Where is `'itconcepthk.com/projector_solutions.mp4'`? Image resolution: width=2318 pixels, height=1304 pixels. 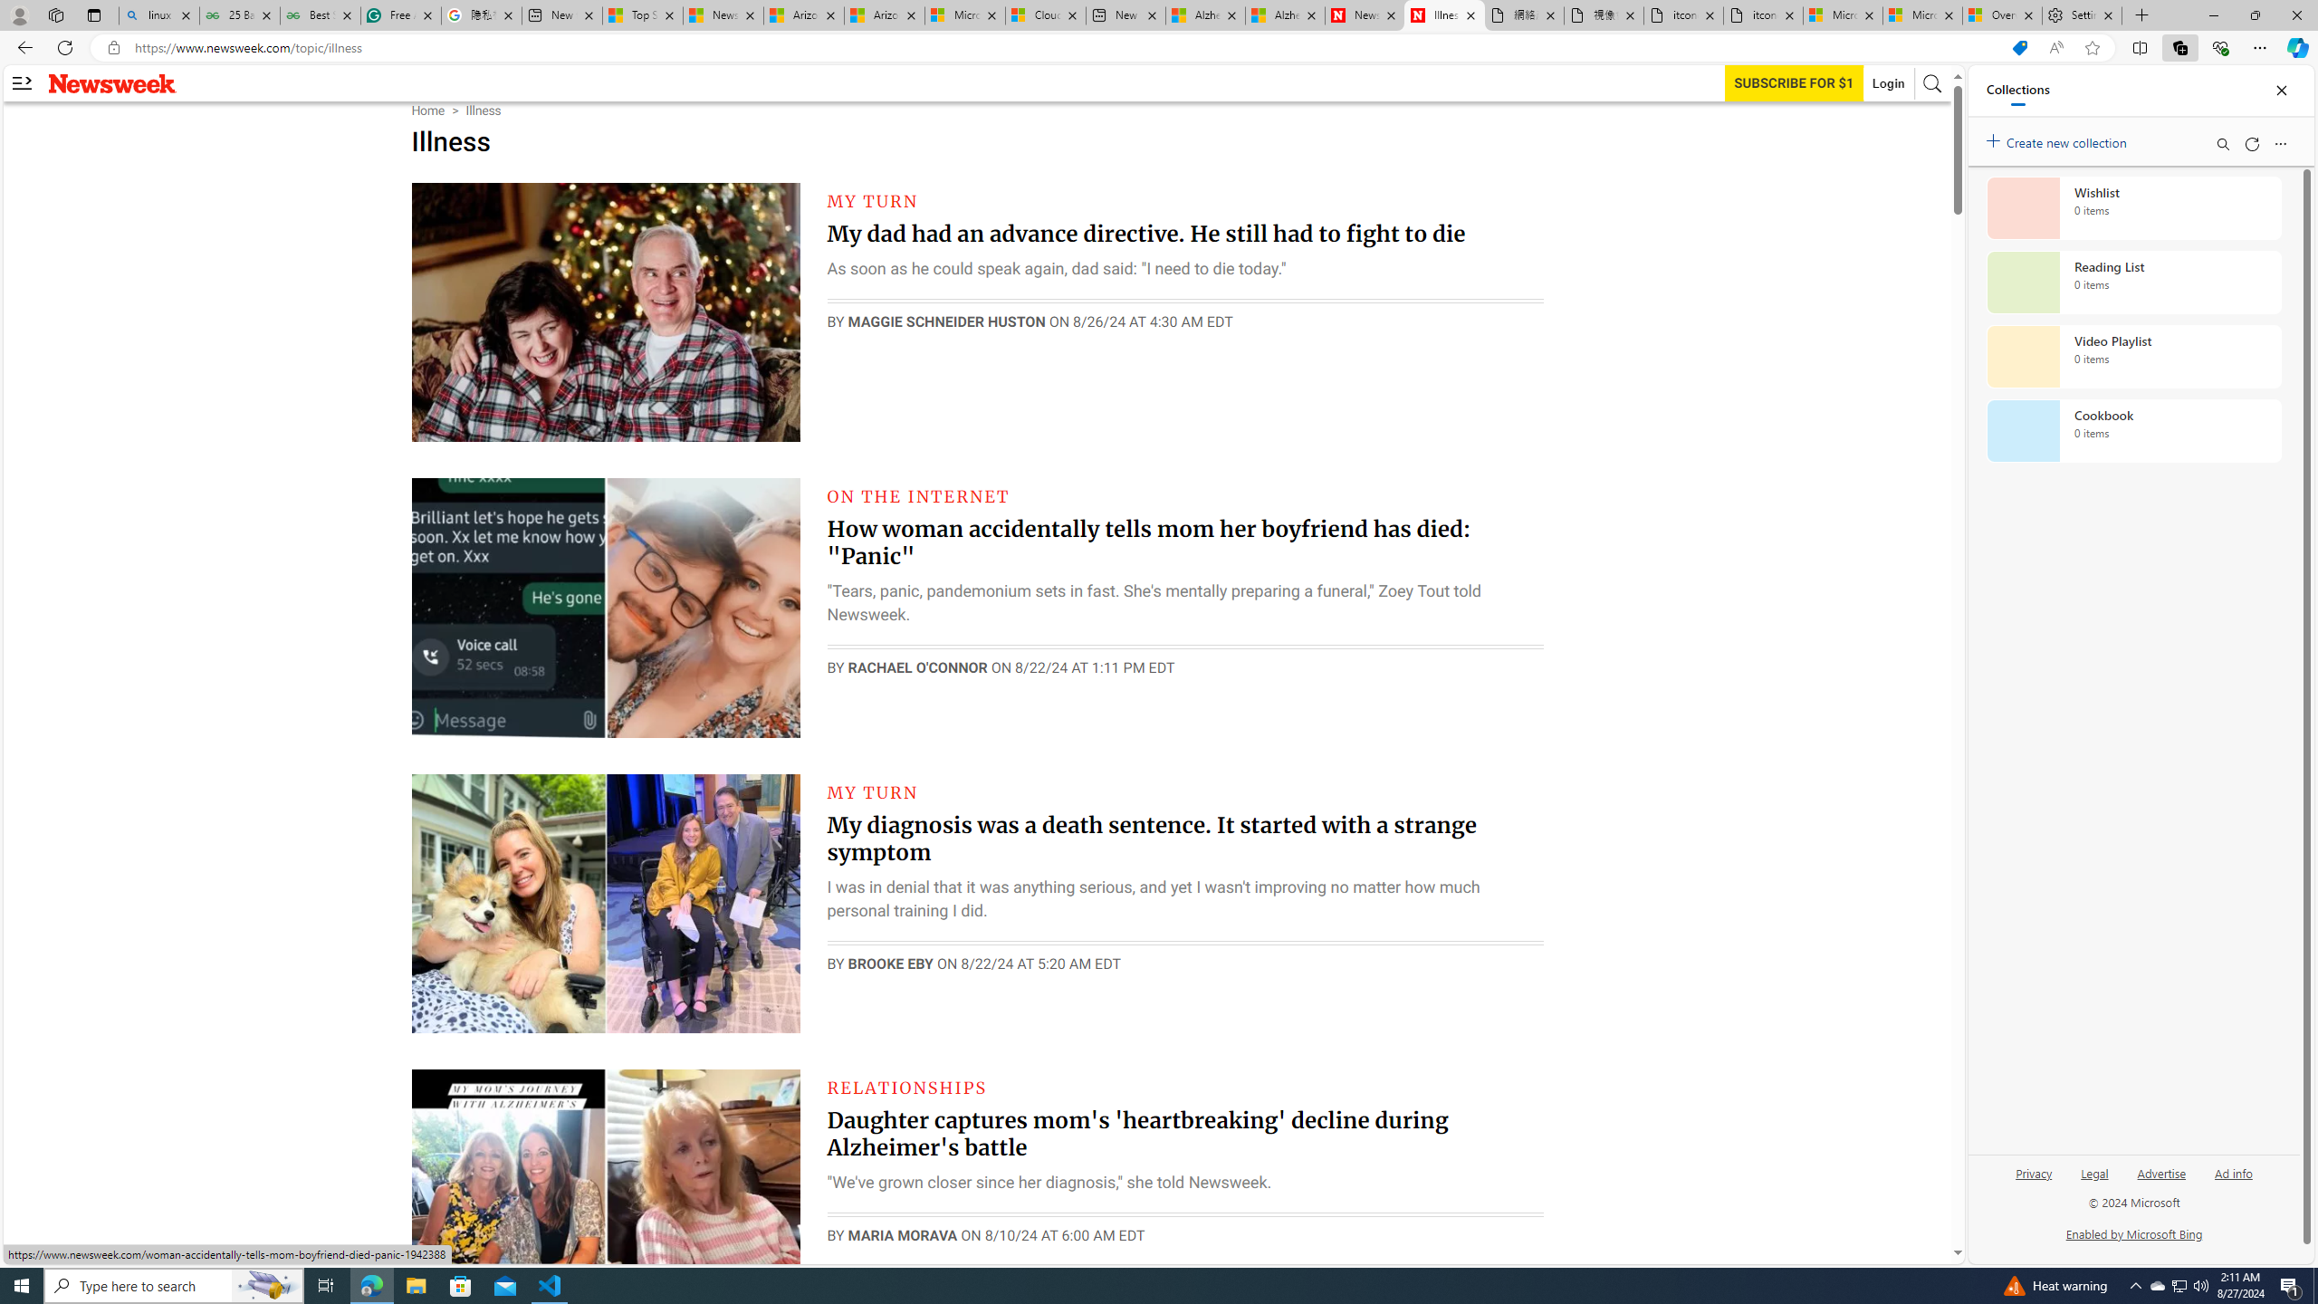 'itconcepthk.com/projector_solutions.mp4' is located at coordinates (1761, 14).